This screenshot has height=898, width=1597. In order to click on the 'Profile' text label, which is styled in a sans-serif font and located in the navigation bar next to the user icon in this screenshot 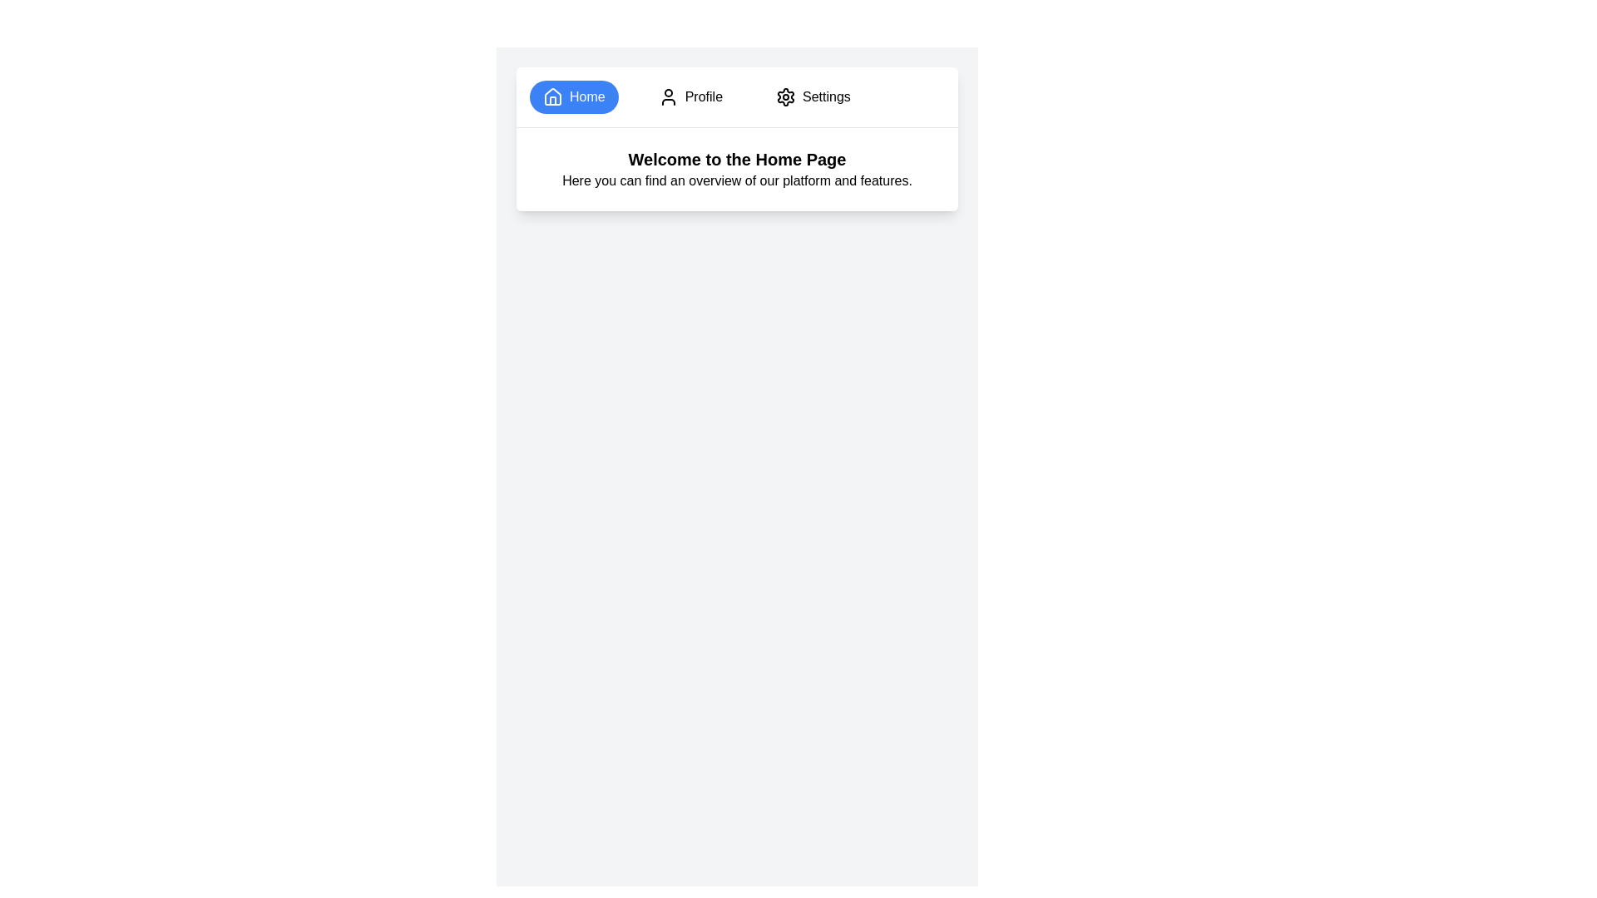, I will do `click(704, 96)`.